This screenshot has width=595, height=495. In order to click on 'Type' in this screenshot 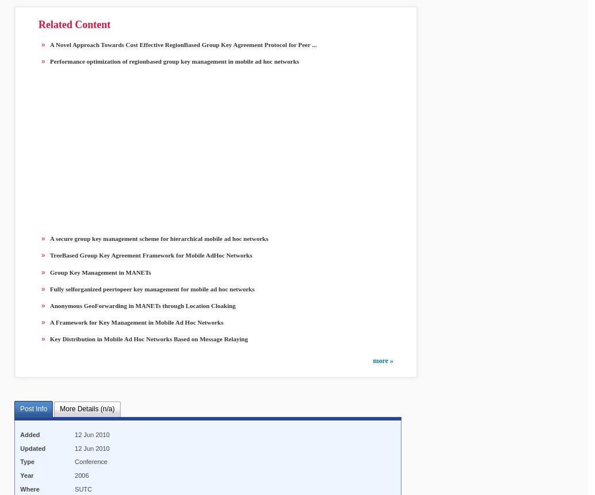, I will do `click(20, 461)`.